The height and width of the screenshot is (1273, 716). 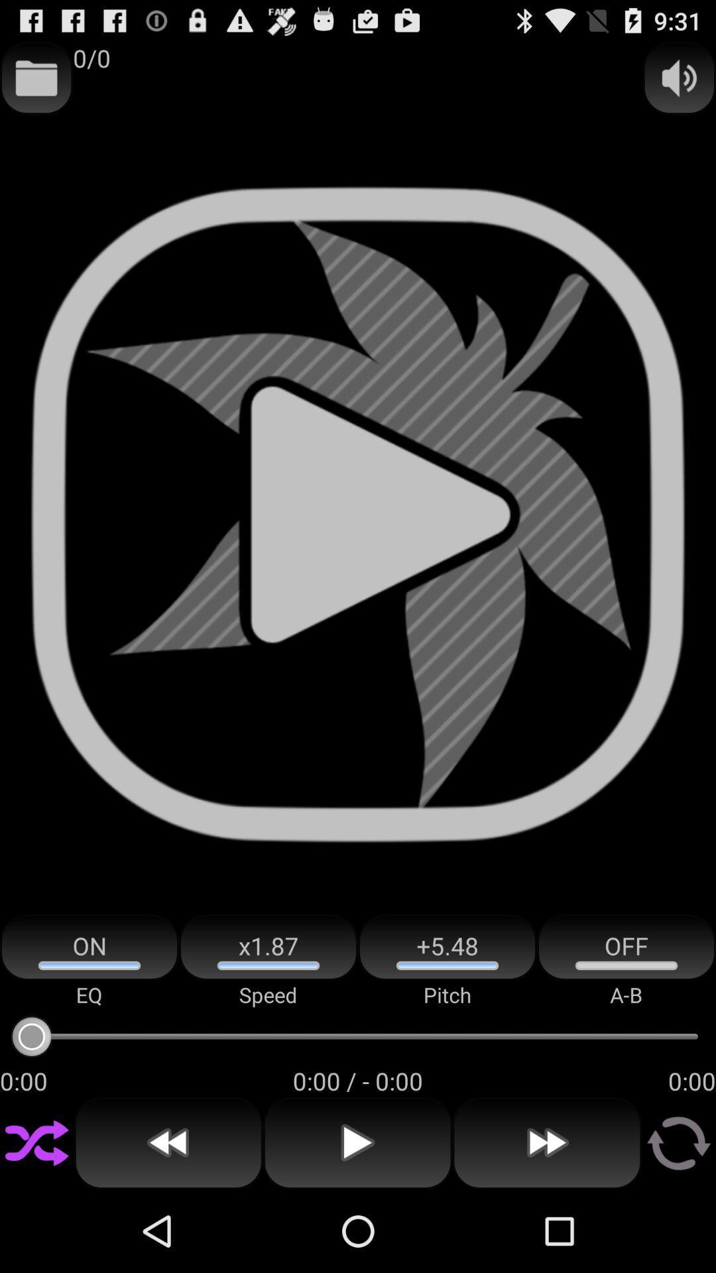 I want to click on the item to the right of +5.48 icon, so click(x=626, y=947).